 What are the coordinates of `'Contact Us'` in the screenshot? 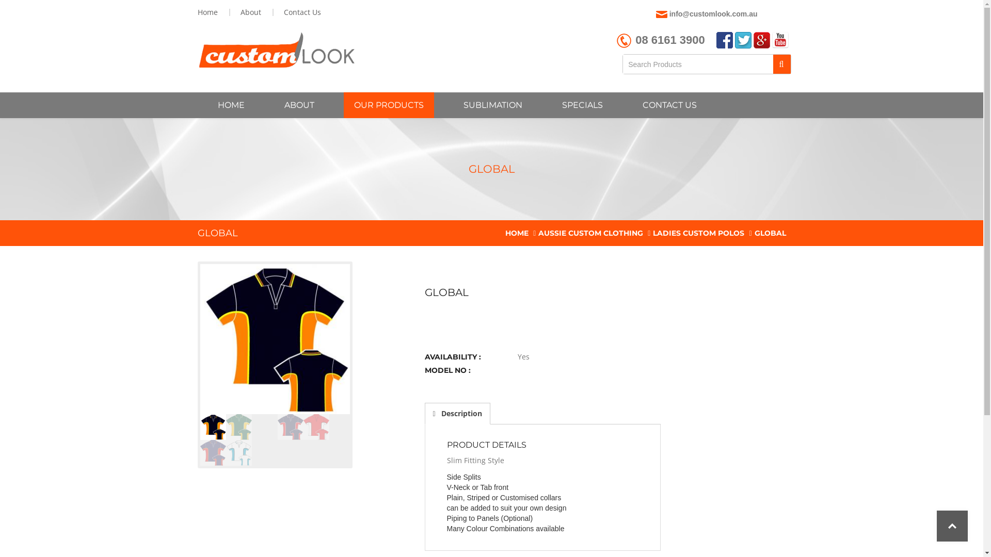 It's located at (300, 12).